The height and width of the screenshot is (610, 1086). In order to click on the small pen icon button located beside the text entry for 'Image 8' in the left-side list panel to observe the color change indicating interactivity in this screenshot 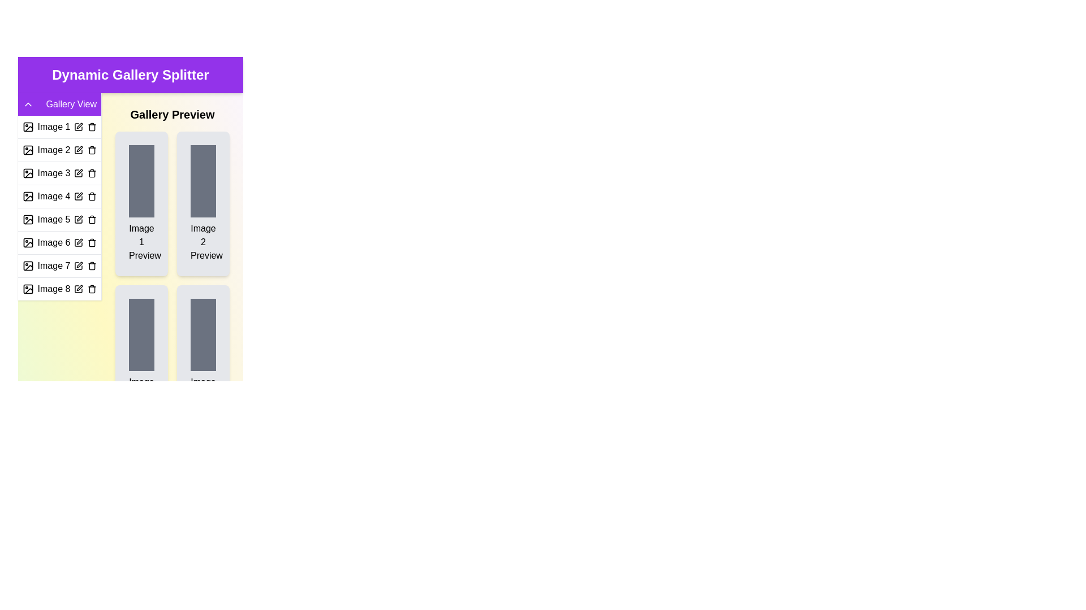, I will do `click(78, 289)`.